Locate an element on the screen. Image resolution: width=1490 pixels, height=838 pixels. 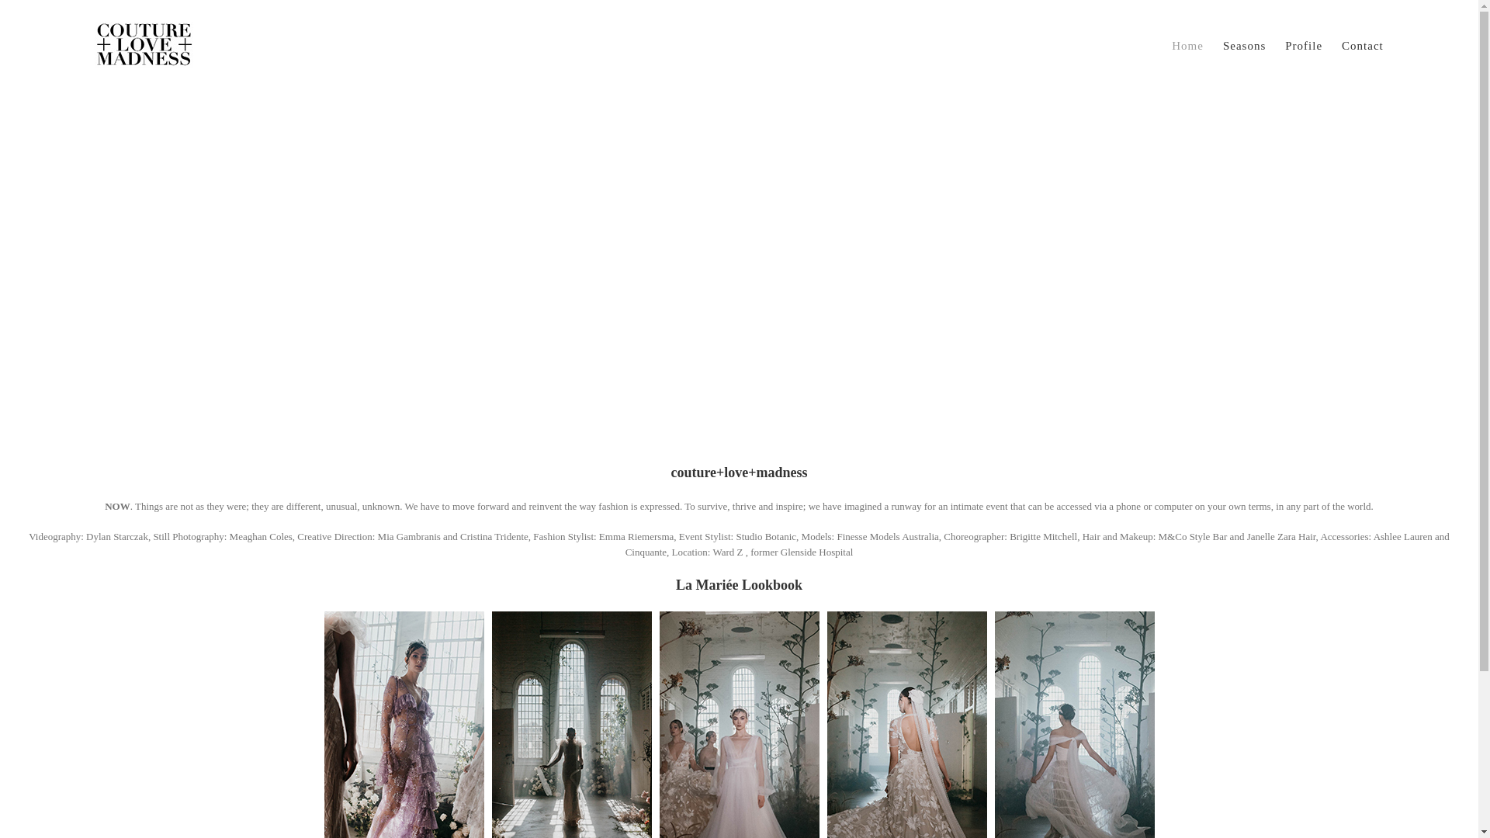
'Seasons' is located at coordinates (1221, 45).